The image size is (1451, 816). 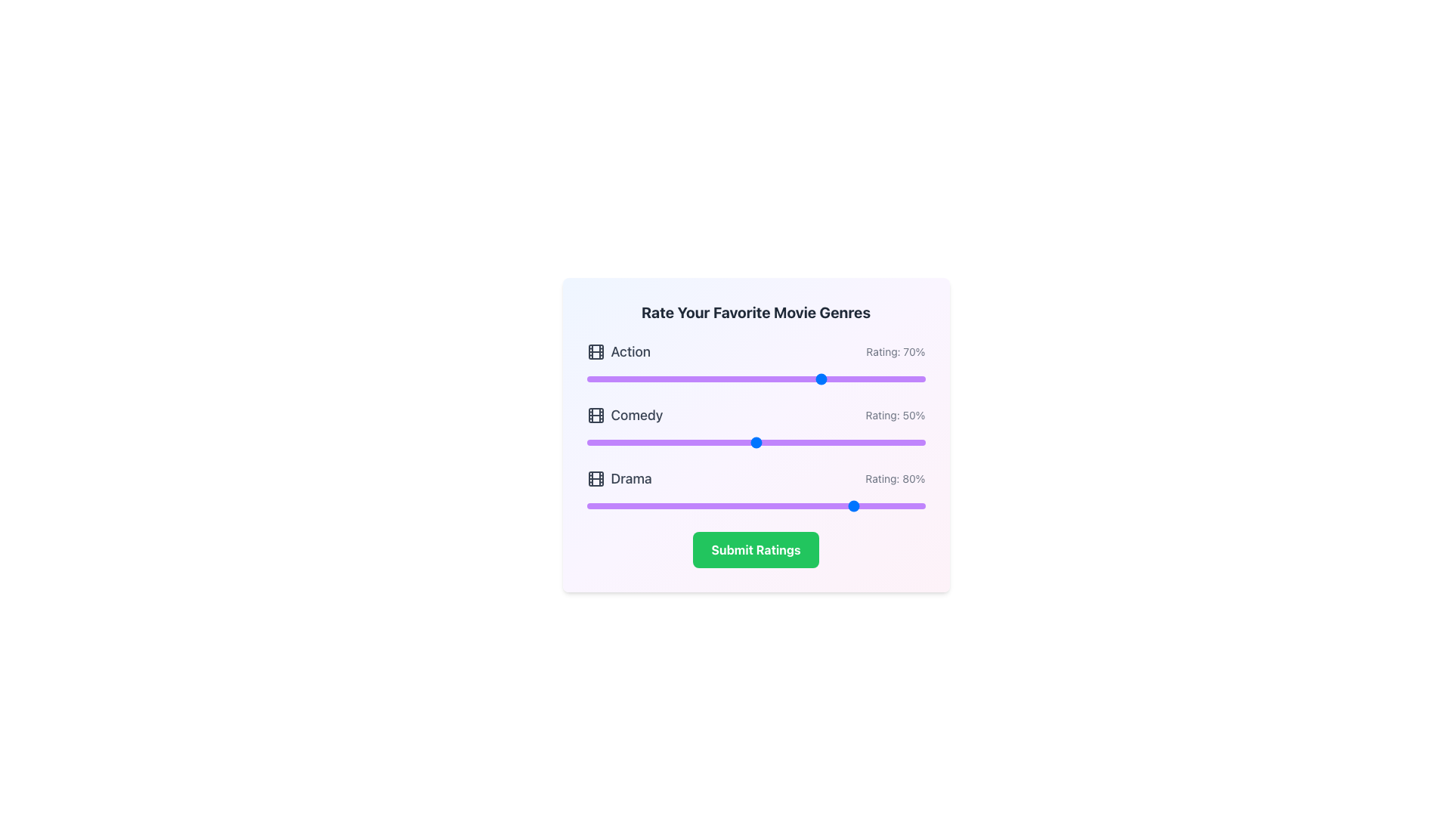 I want to click on the slider value, so click(x=687, y=506).